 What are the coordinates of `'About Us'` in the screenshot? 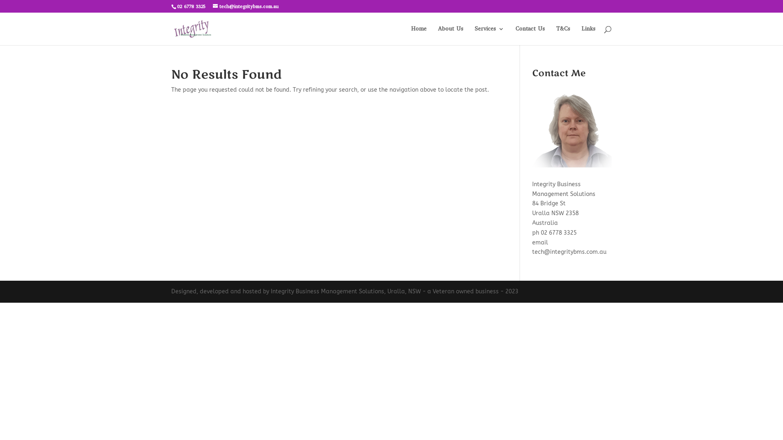 It's located at (450, 35).